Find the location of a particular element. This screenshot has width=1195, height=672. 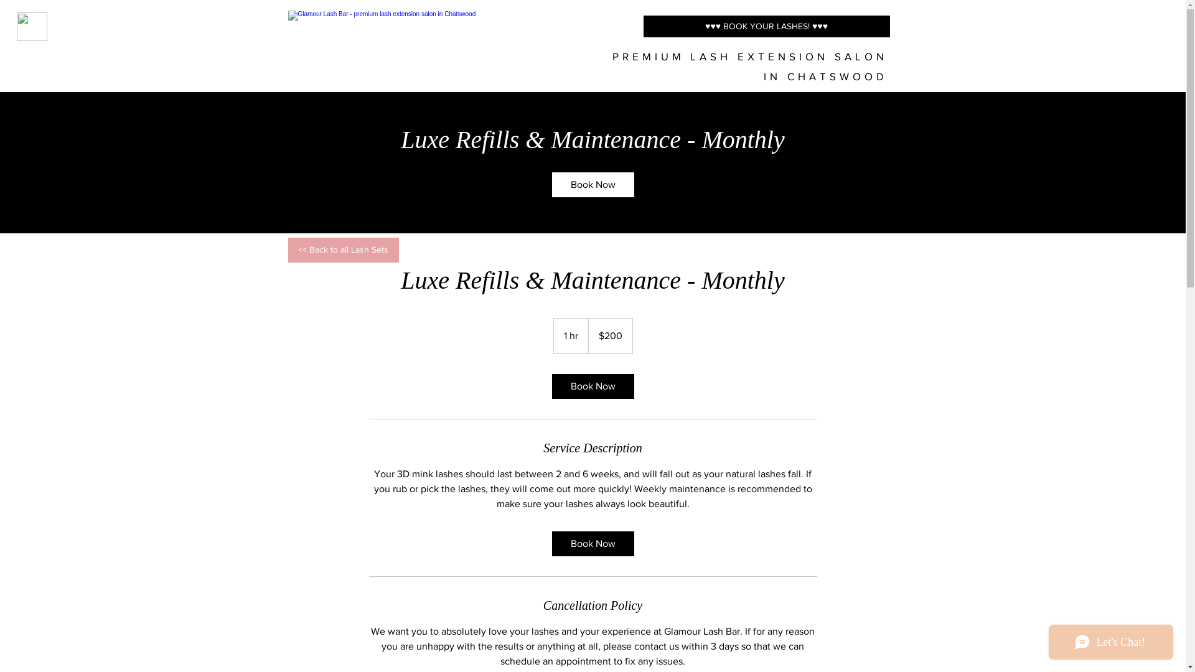

'Book Now' is located at coordinates (591, 543).